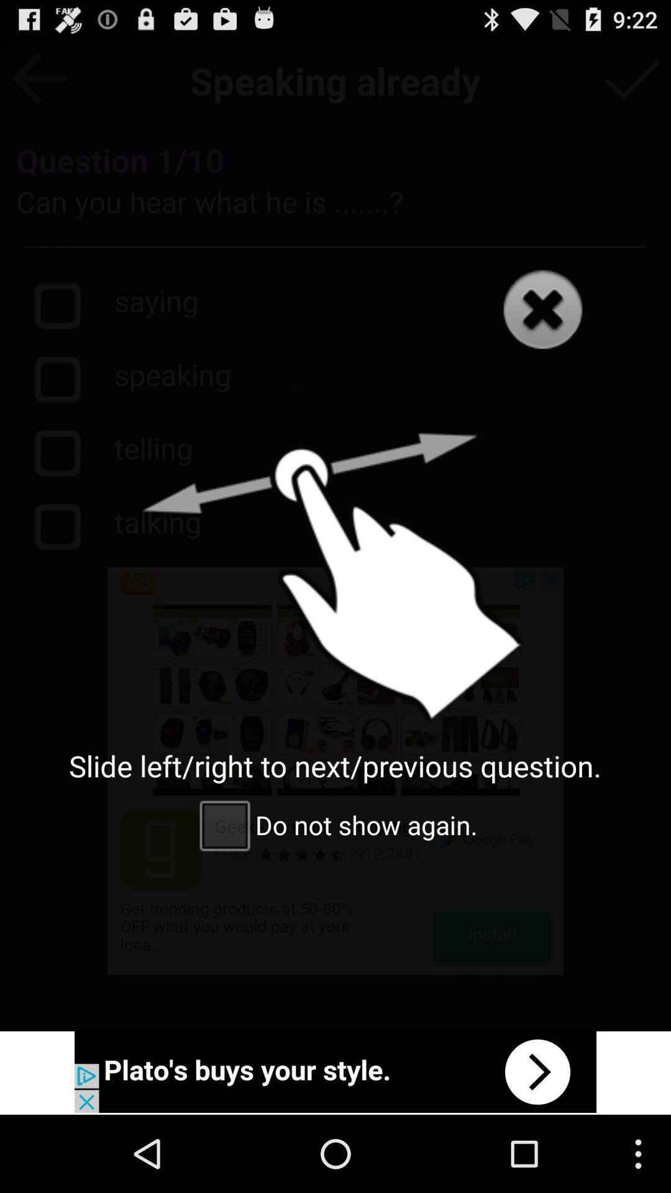  What do you see at coordinates (632, 83) in the screenshot?
I see `the check icon` at bounding box center [632, 83].